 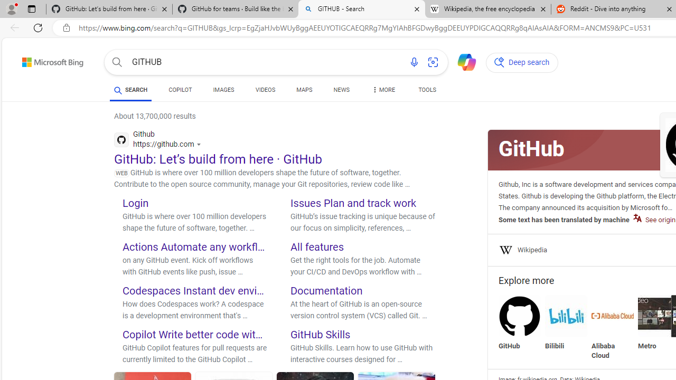 What do you see at coordinates (361, 9) in the screenshot?
I see `'GITHUB - Search'` at bounding box center [361, 9].